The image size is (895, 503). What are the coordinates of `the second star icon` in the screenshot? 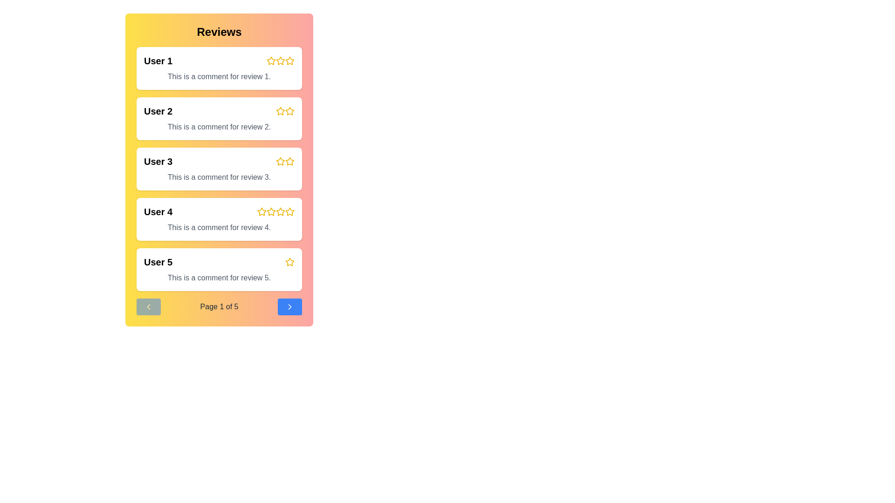 It's located at (280, 110).